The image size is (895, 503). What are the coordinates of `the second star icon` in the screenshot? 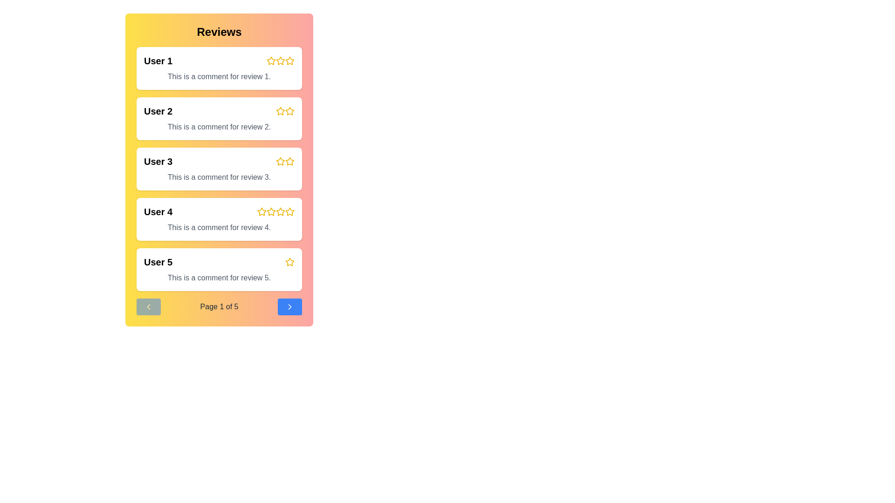 It's located at (280, 110).